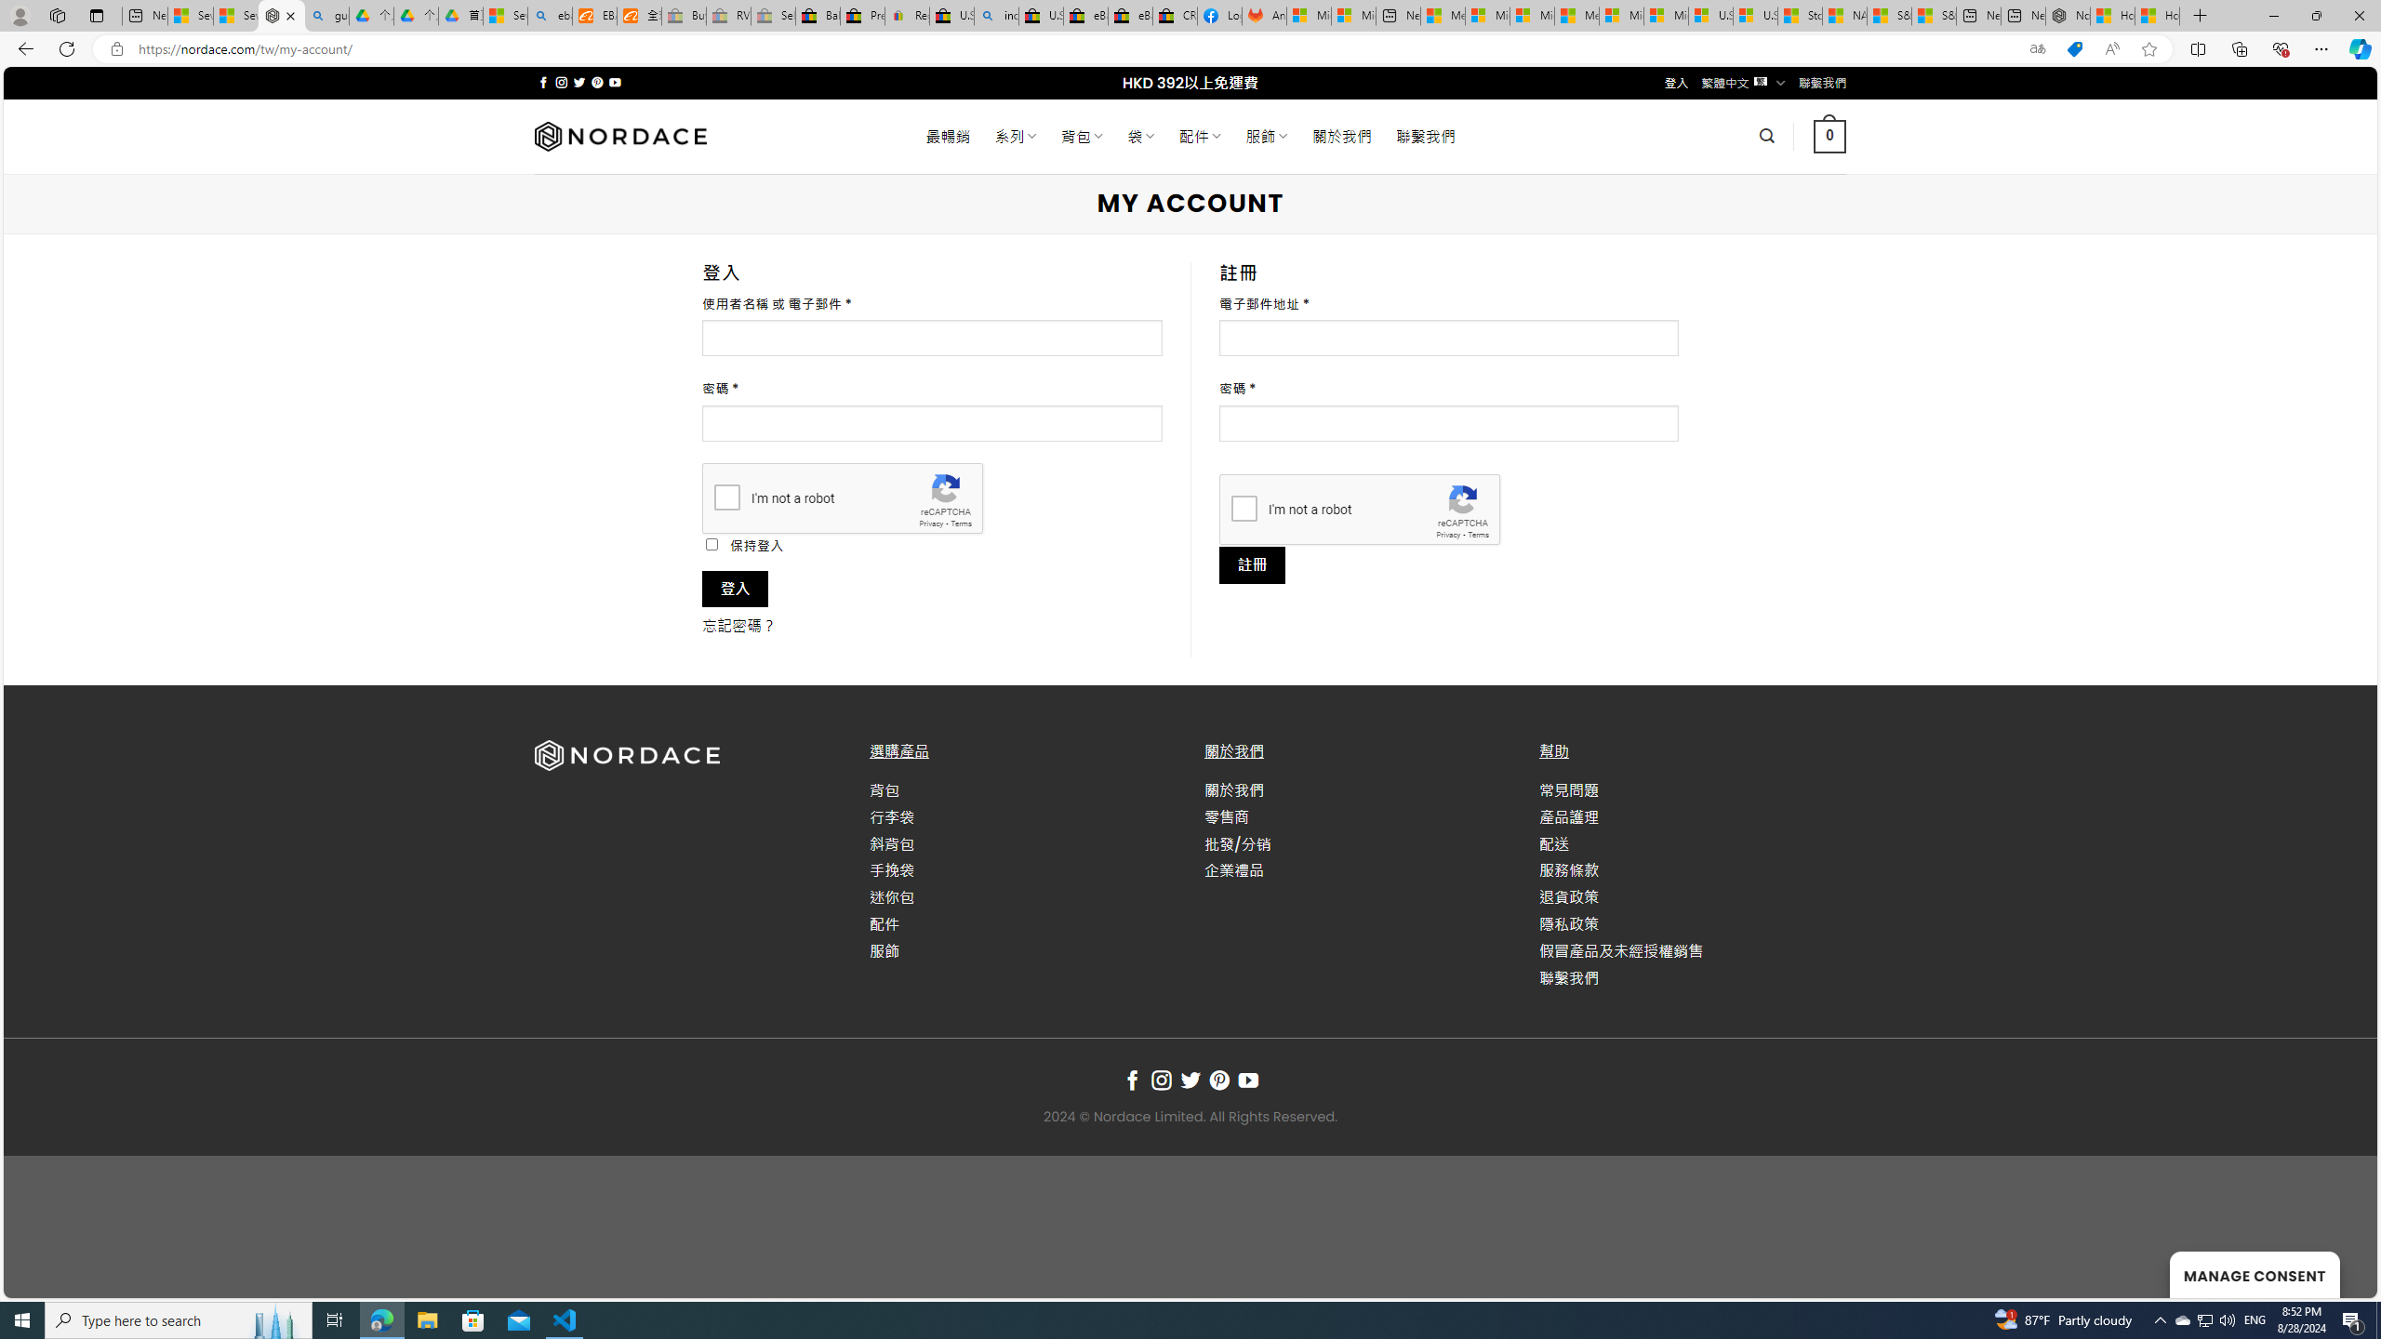 This screenshot has width=2381, height=1339. I want to click on 'including - Search', so click(996, 15).